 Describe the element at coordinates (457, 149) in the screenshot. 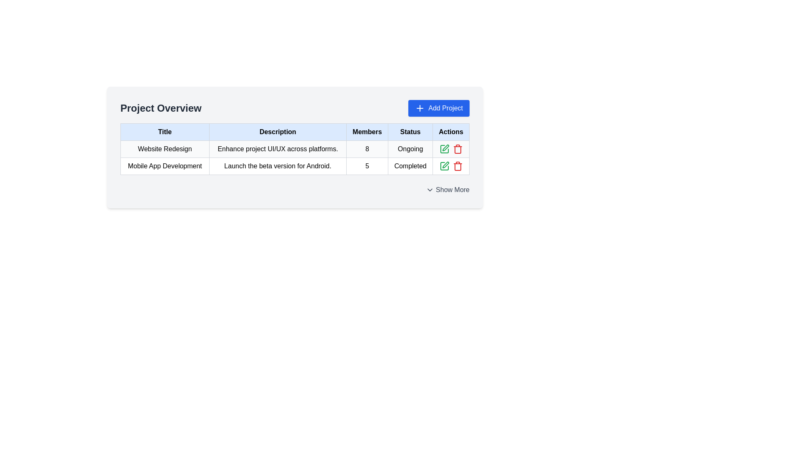

I see `the delete icon located in the Actions column for the 'Mobile App Development' row to initiate a delete action` at that location.